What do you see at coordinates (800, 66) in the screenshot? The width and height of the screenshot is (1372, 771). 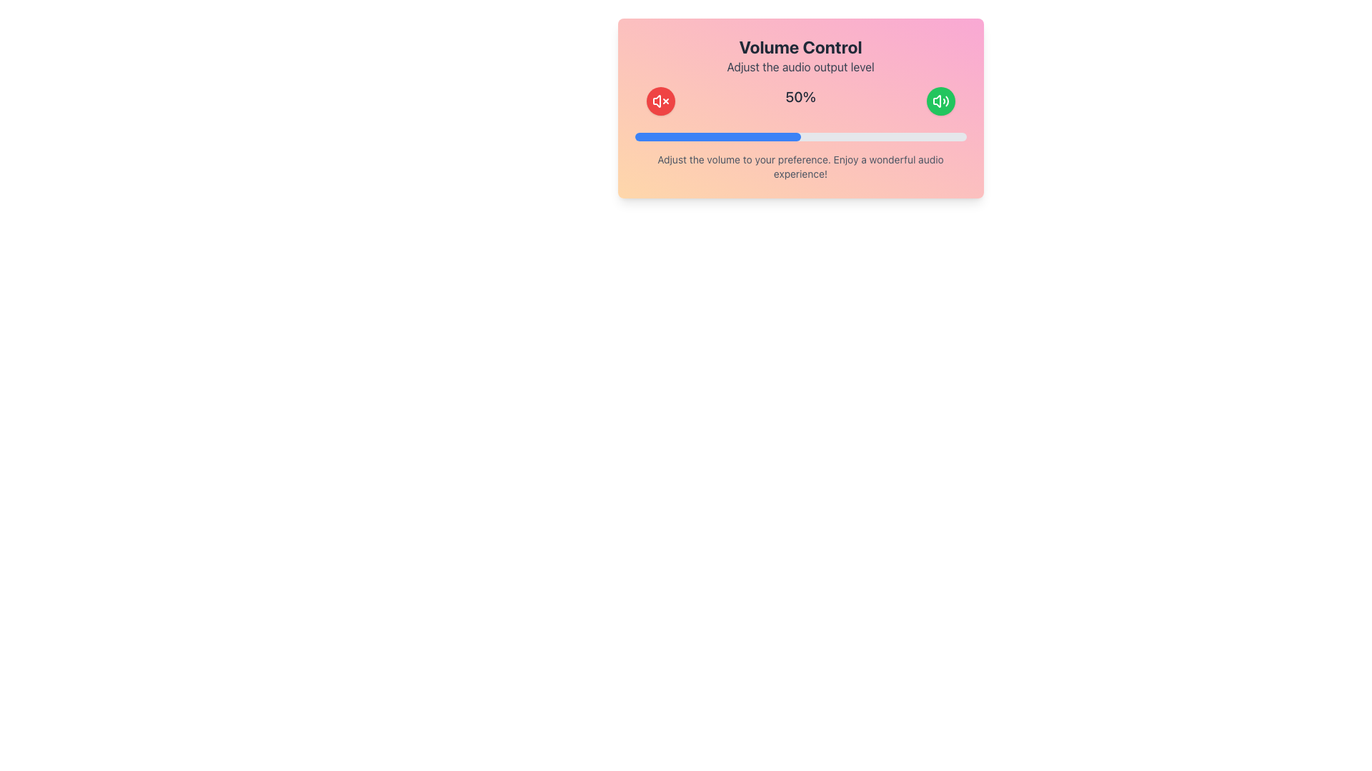 I see `the descriptive text label below the 'Volume Control' header, which provides guidance for the volume adjustment interface` at bounding box center [800, 66].